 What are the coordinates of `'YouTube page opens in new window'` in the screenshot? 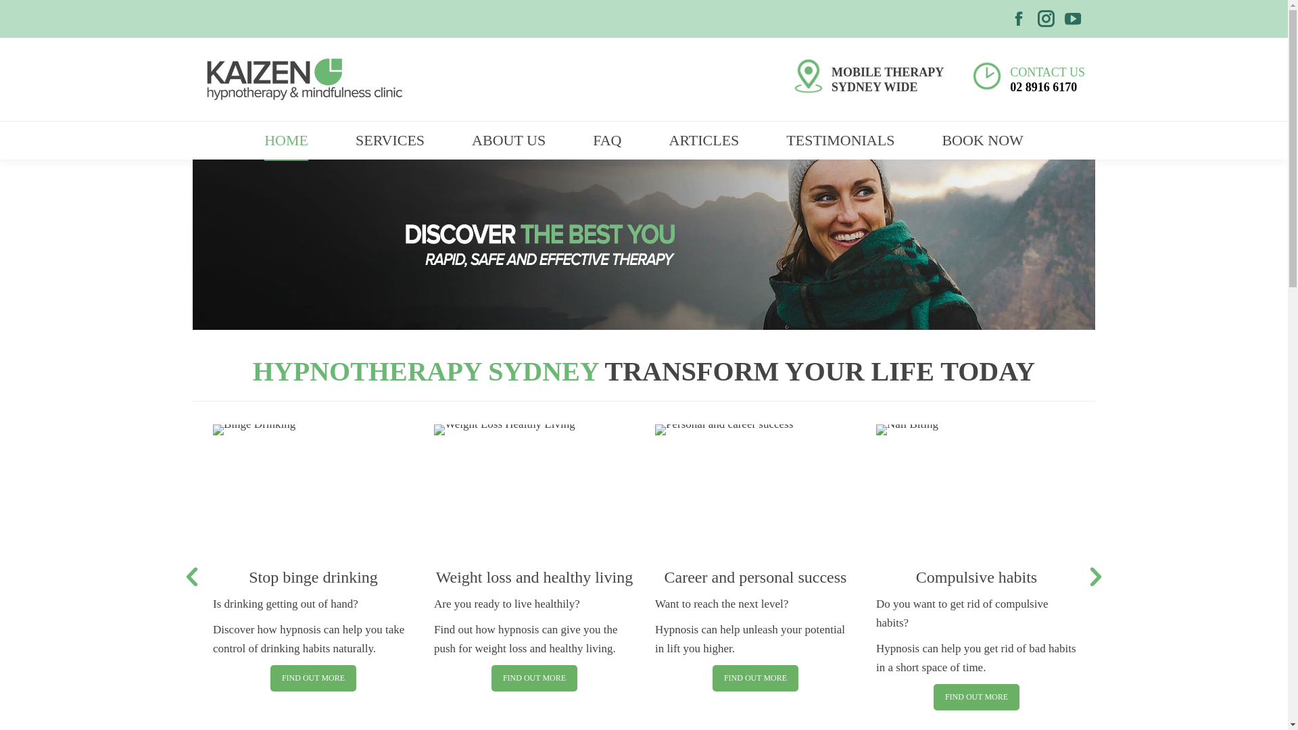 It's located at (1072, 18).